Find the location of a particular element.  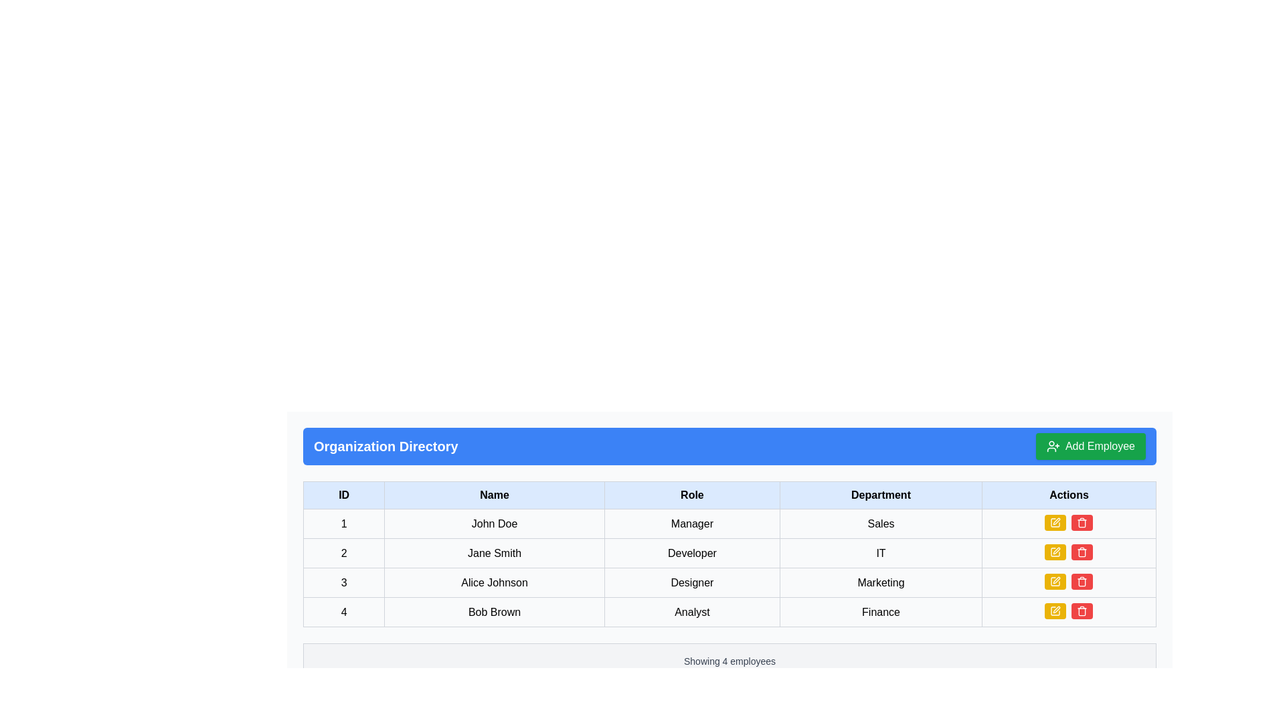

the first cell in the third row of the table that contains the text '3', which is styled minimally with a light gray border is located at coordinates (344, 582).